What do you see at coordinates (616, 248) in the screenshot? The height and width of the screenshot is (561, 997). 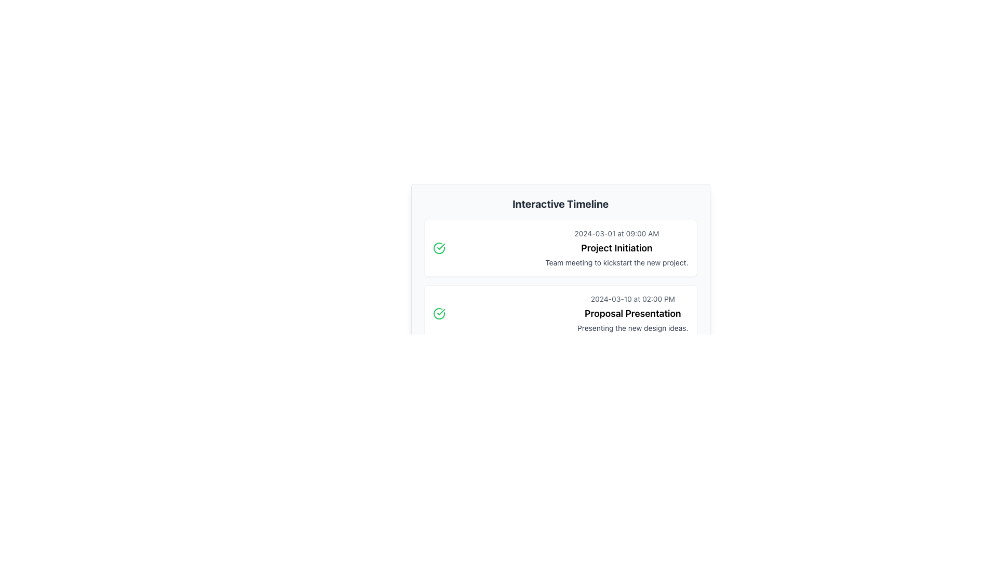 I see `the informational Text Block on the timeline that provides details about a scheduled event, positioned below the 'Interactive Timeline' header` at bounding box center [616, 248].